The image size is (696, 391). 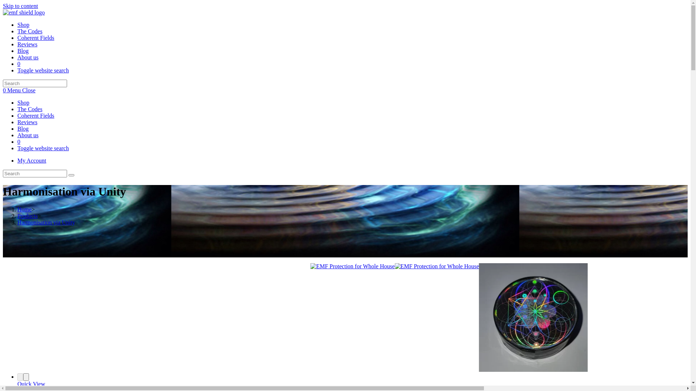 What do you see at coordinates (3, 6) in the screenshot?
I see `'Skip to content'` at bounding box center [3, 6].